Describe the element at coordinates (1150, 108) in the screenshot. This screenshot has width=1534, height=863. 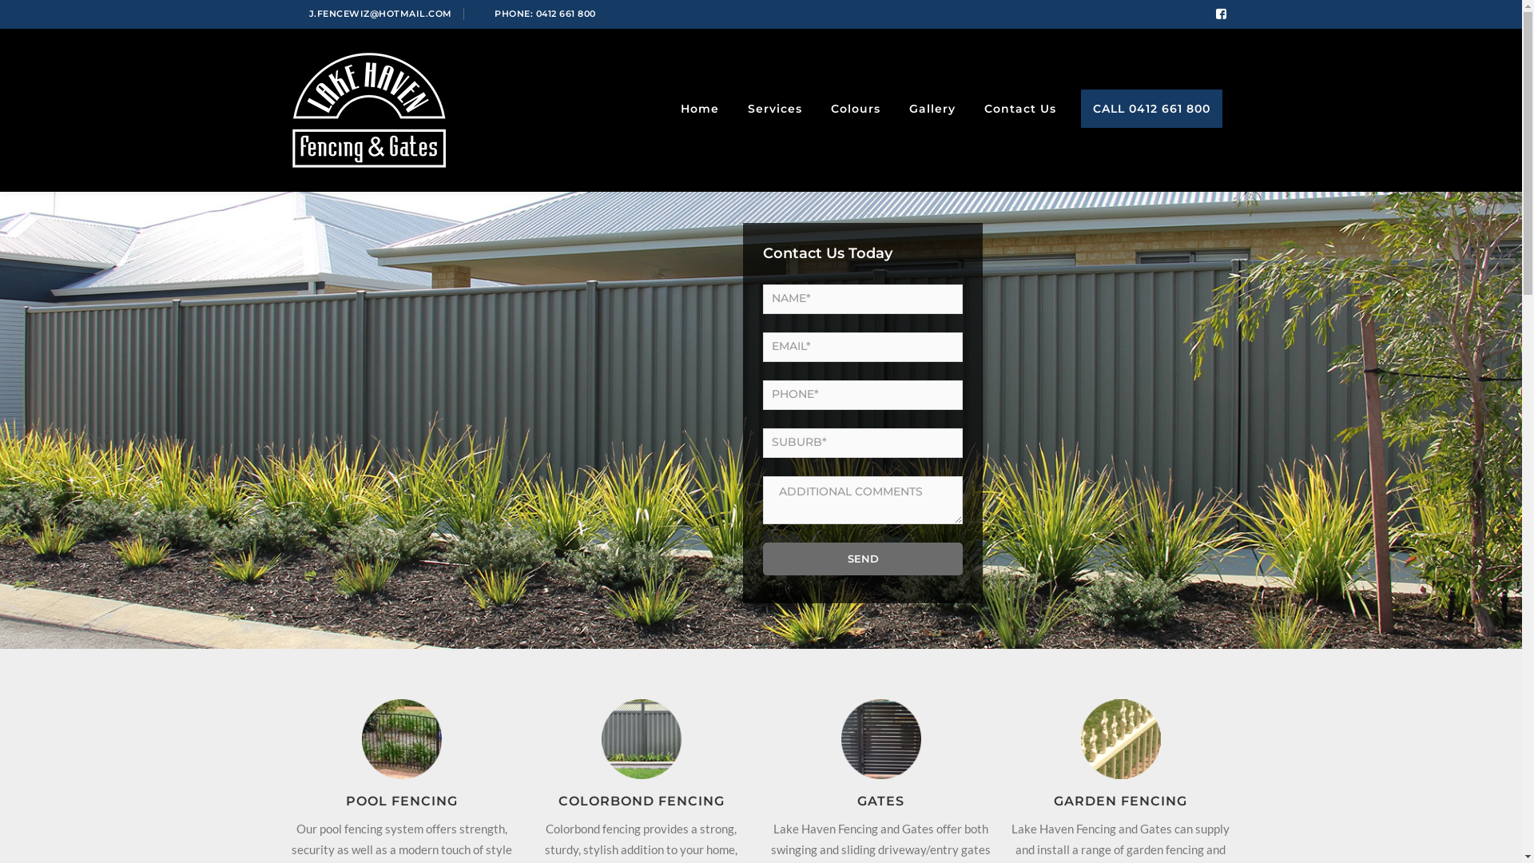
I see `'CALL 0412 661 800'` at that location.